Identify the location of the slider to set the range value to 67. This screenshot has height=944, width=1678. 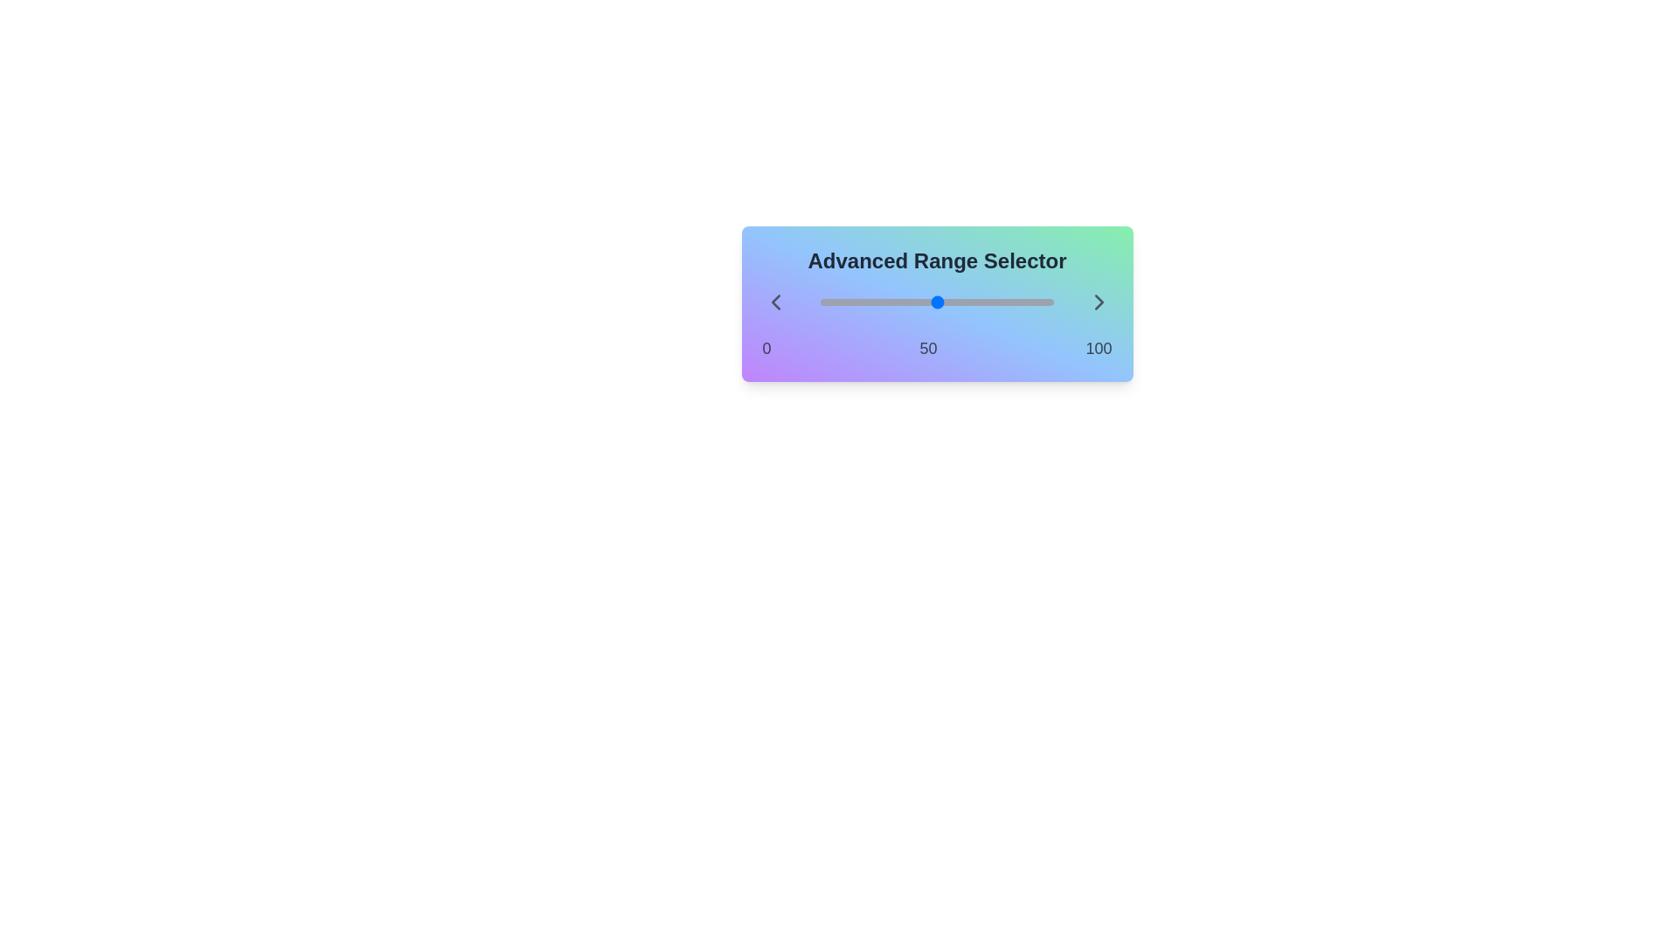
(820, 302).